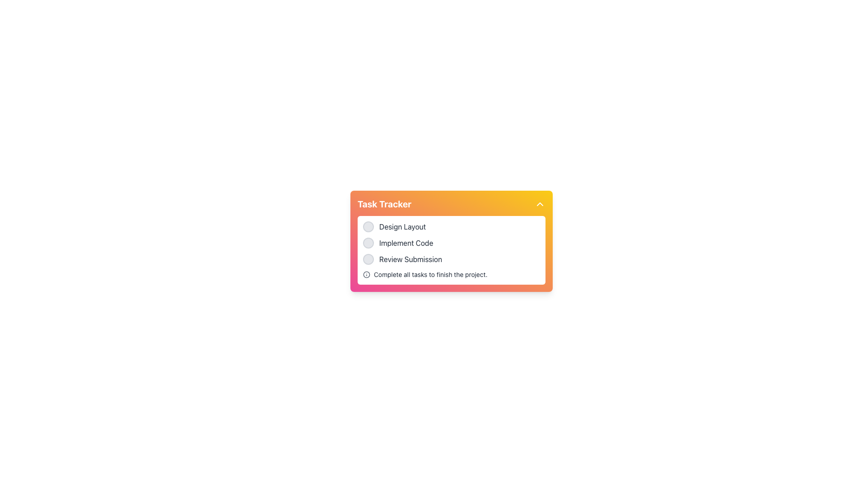 The image size is (867, 488). What do you see at coordinates (540, 204) in the screenshot?
I see `the chevron-up button in the top-right corner of the 'Task Tracker' panel` at bounding box center [540, 204].